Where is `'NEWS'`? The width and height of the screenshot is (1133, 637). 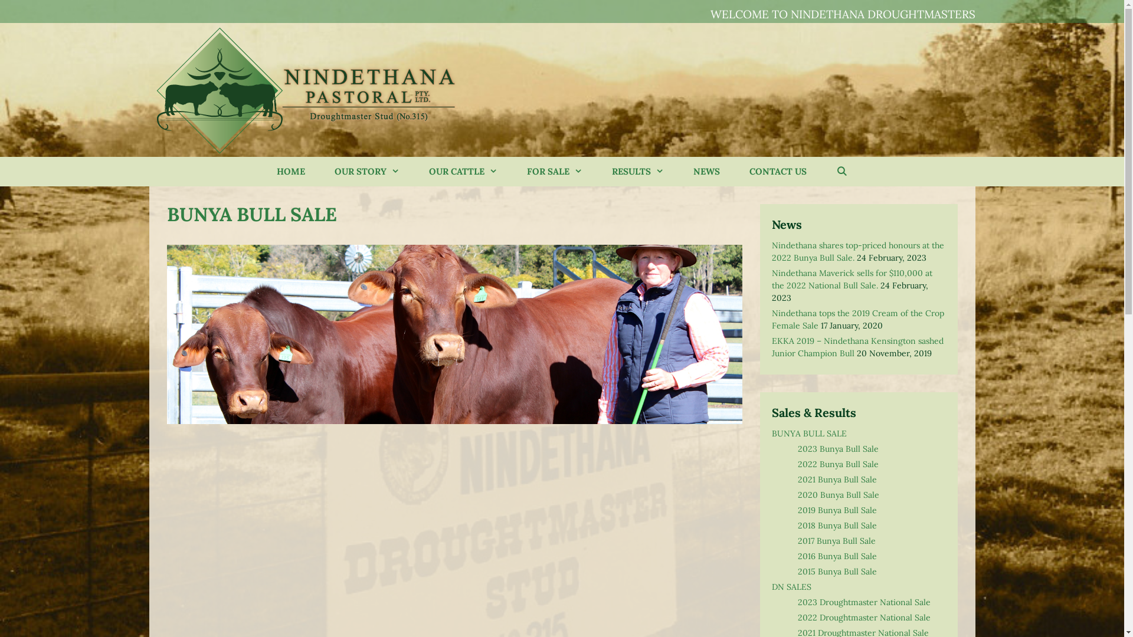
'NEWS' is located at coordinates (706, 171).